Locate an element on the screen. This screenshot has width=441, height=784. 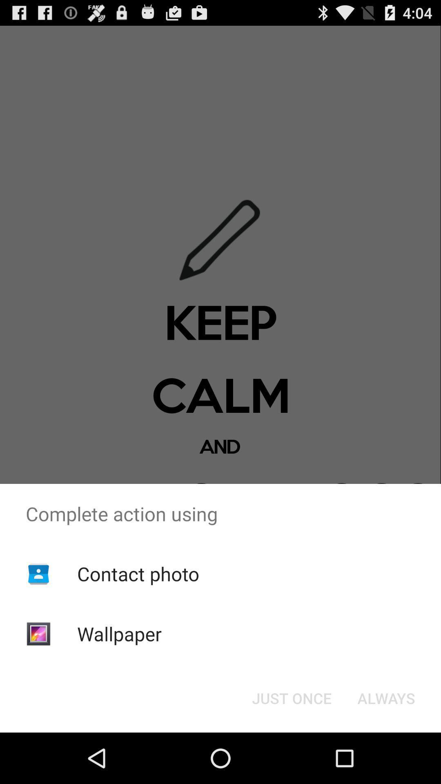
the app below the contact photo icon is located at coordinates (119, 633).